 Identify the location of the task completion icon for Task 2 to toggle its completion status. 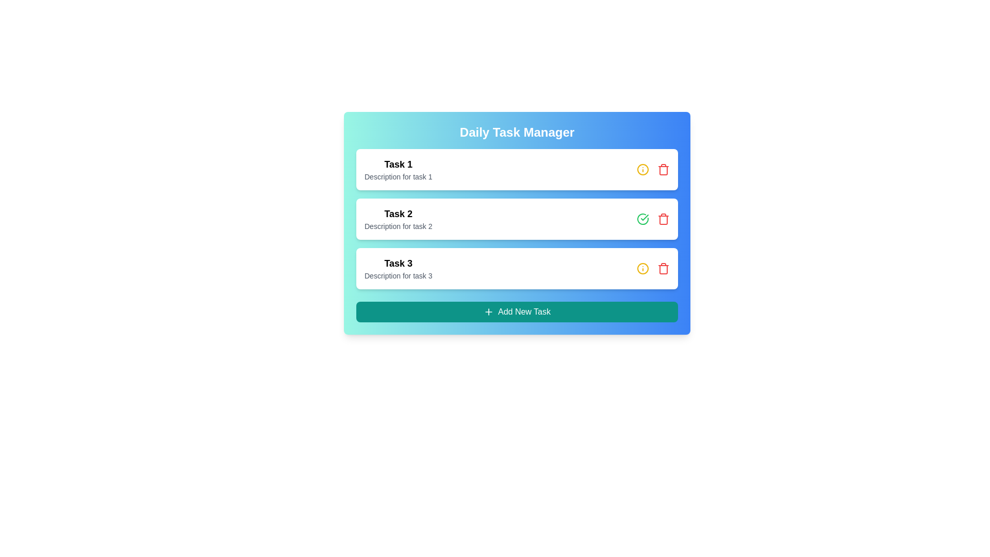
(642, 218).